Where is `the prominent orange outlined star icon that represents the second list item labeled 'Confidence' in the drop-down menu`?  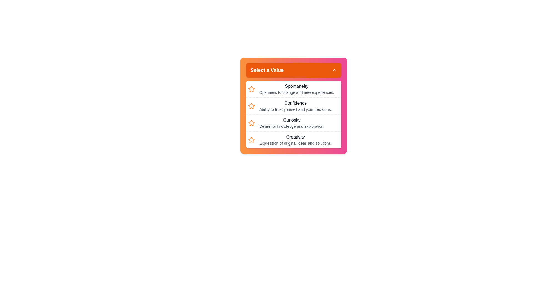 the prominent orange outlined star icon that represents the second list item labeled 'Confidence' in the drop-down menu is located at coordinates (251, 106).